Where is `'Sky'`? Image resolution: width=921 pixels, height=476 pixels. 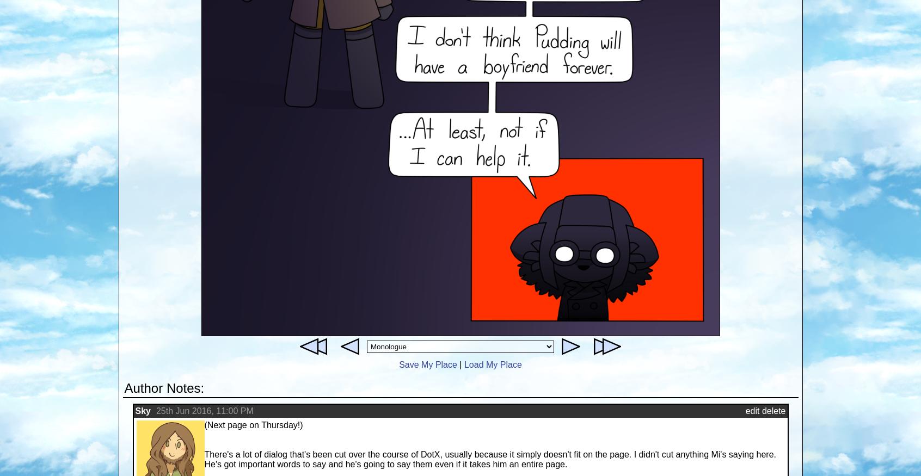
'Sky' is located at coordinates (142, 410).